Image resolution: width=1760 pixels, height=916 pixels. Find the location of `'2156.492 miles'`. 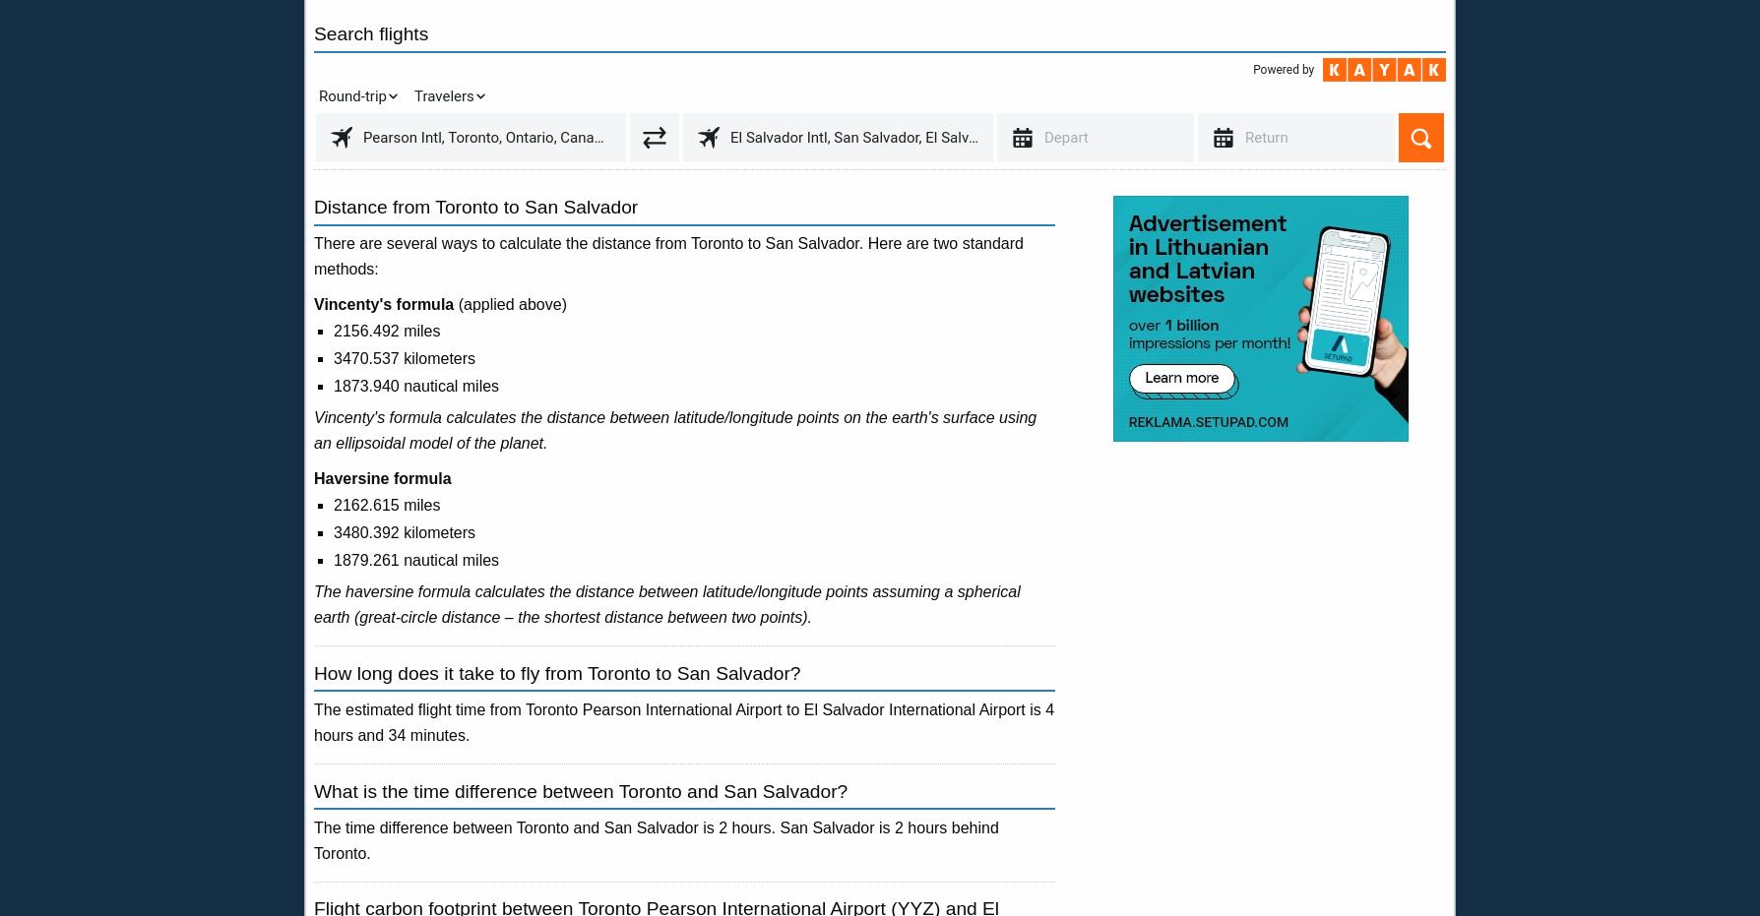

'2156.492 miles' is located at coordinates (386, 331).